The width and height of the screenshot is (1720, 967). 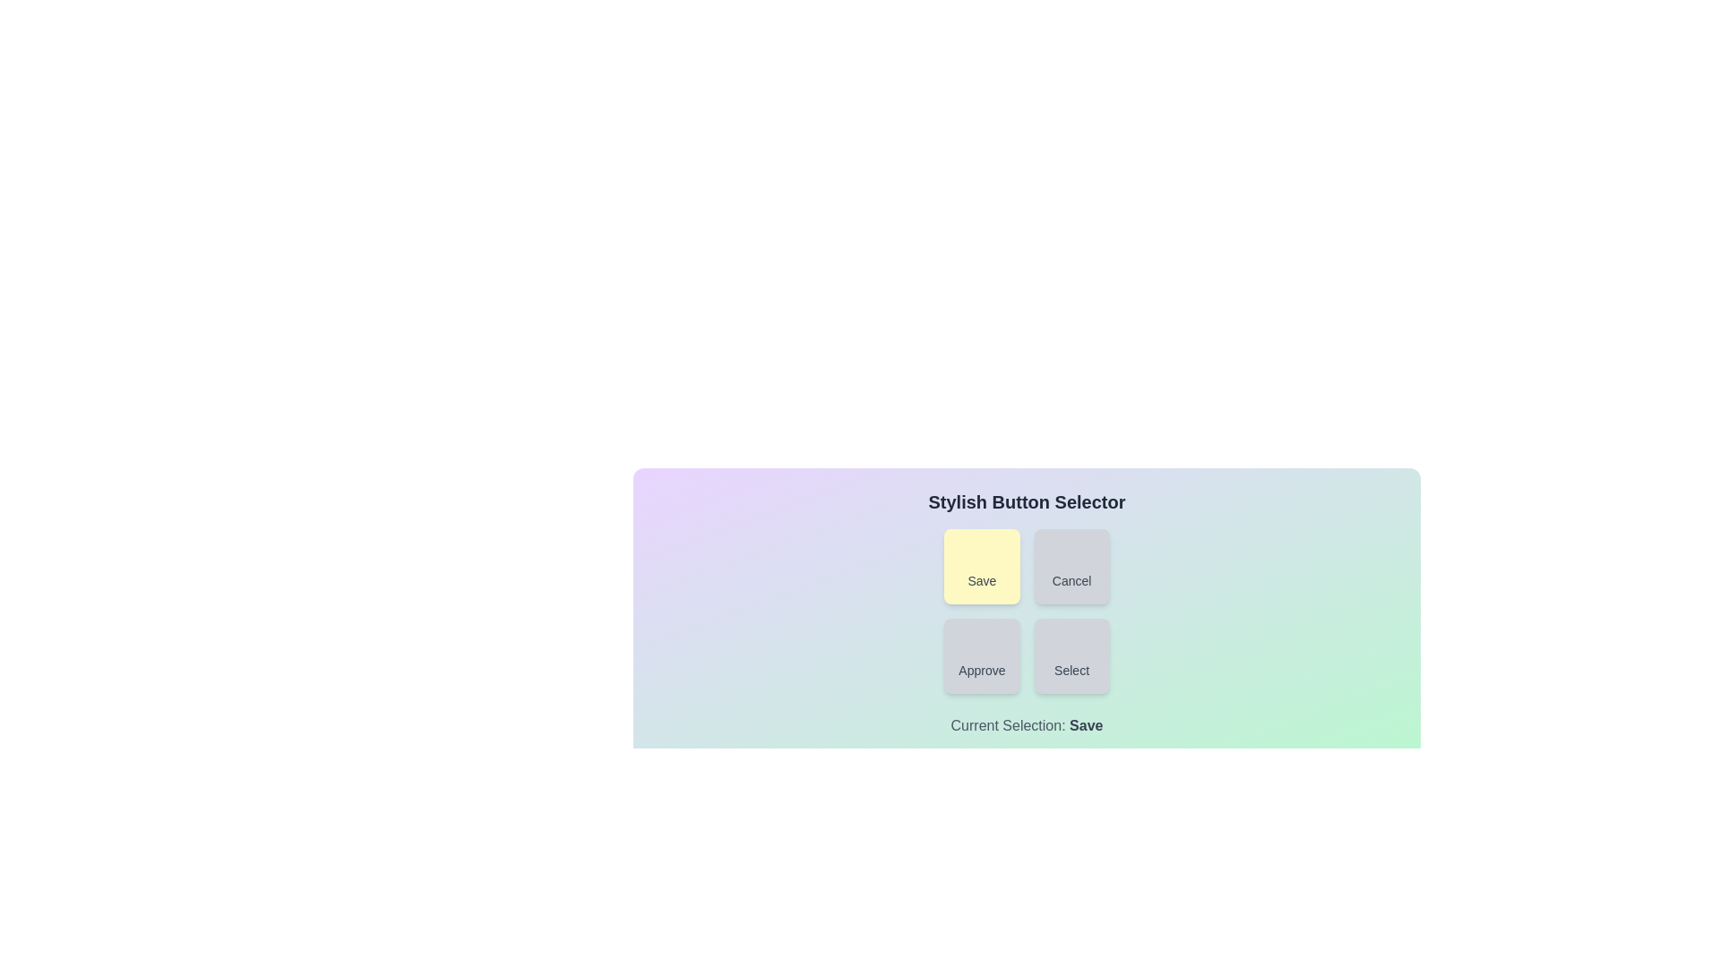 What do you see at coordinates (1071, 566) in the screenshot?
I see `the Cancel button to change the current selection` at bounding box center [1071, 566].